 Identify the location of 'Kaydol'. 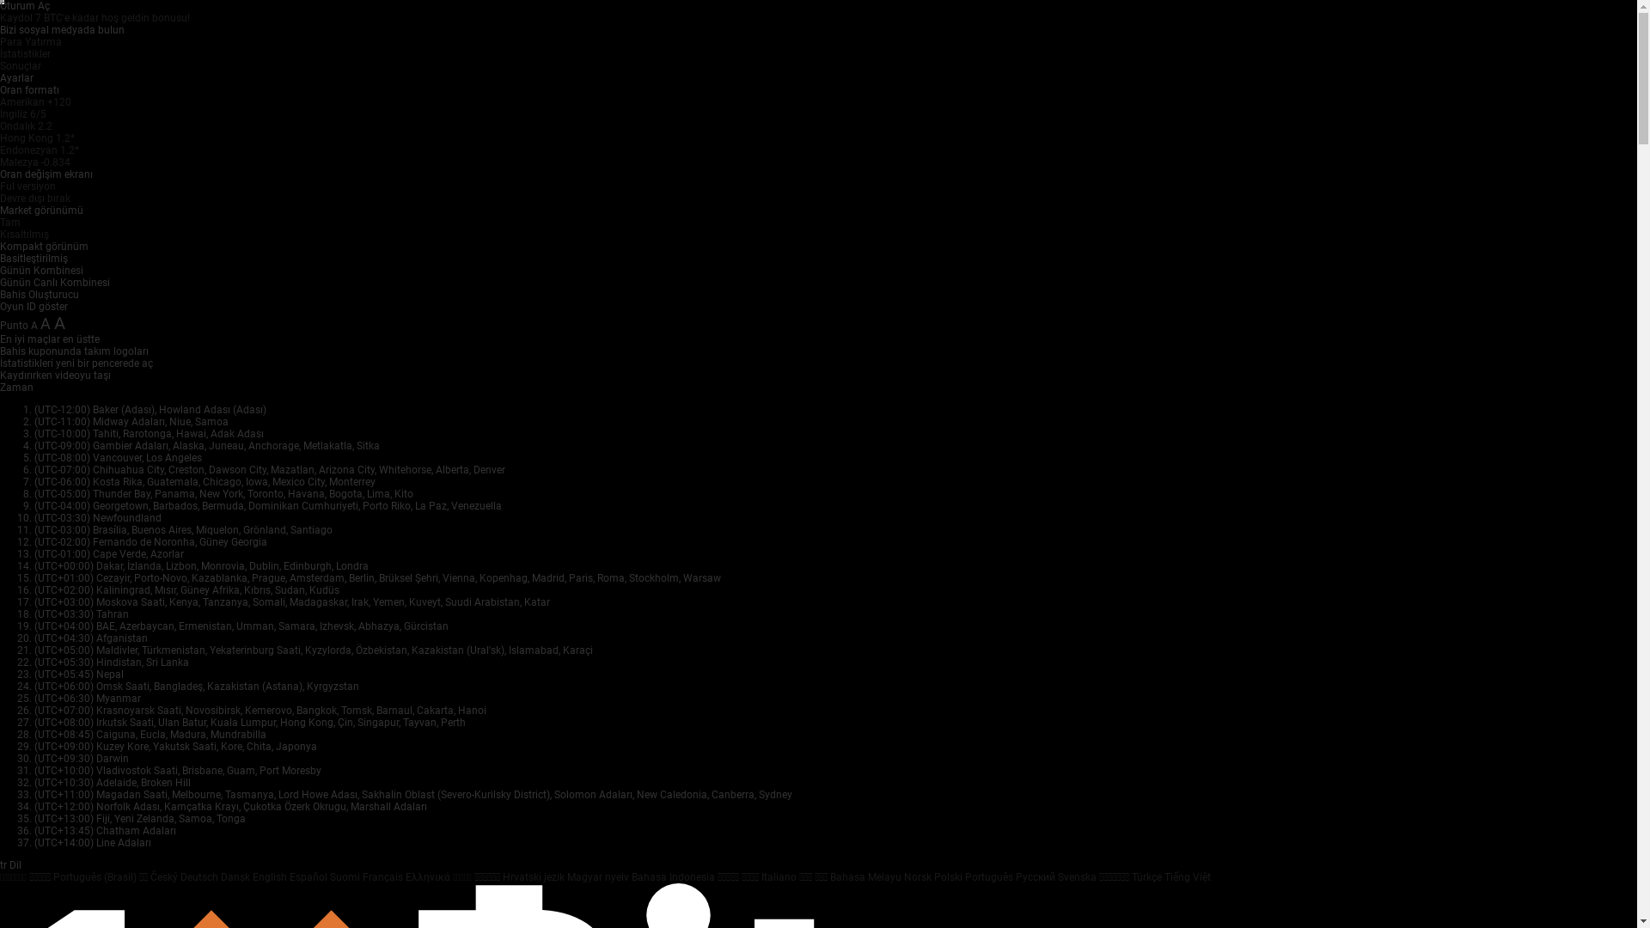
(17, 17).